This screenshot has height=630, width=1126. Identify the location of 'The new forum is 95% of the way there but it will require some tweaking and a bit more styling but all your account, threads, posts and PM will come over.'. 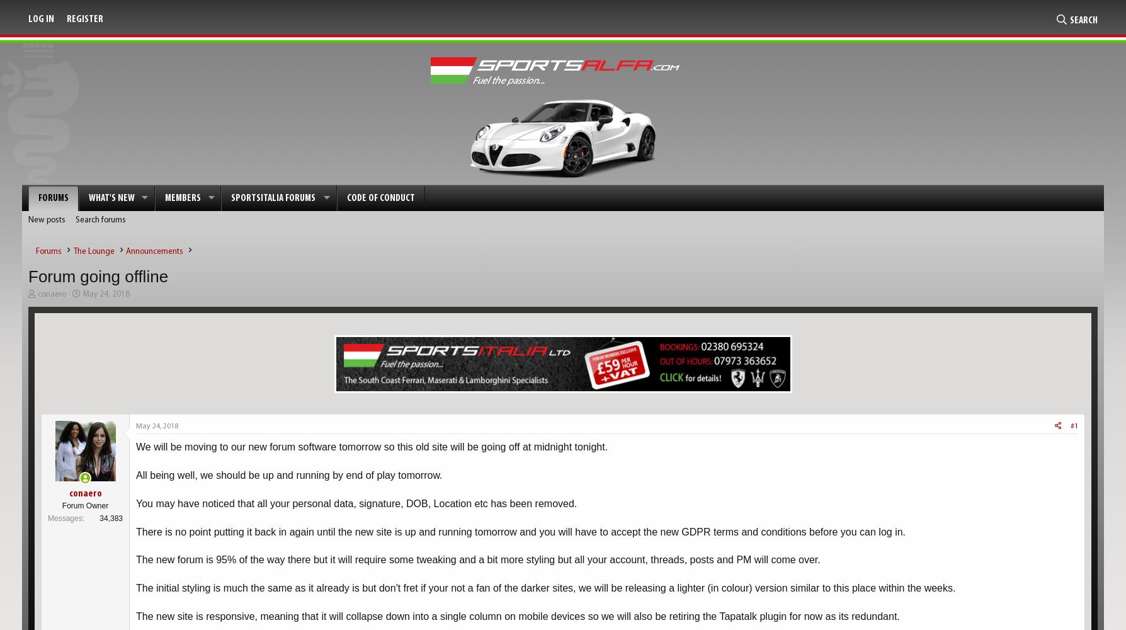
(477, 559).